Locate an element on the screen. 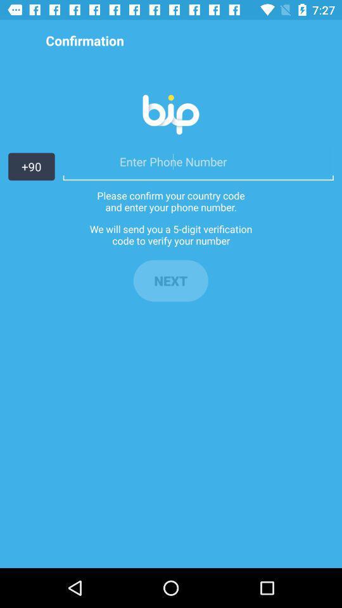 The height and width of the screenshot is (608, 342). the next item is located at coordinates (170, 281).